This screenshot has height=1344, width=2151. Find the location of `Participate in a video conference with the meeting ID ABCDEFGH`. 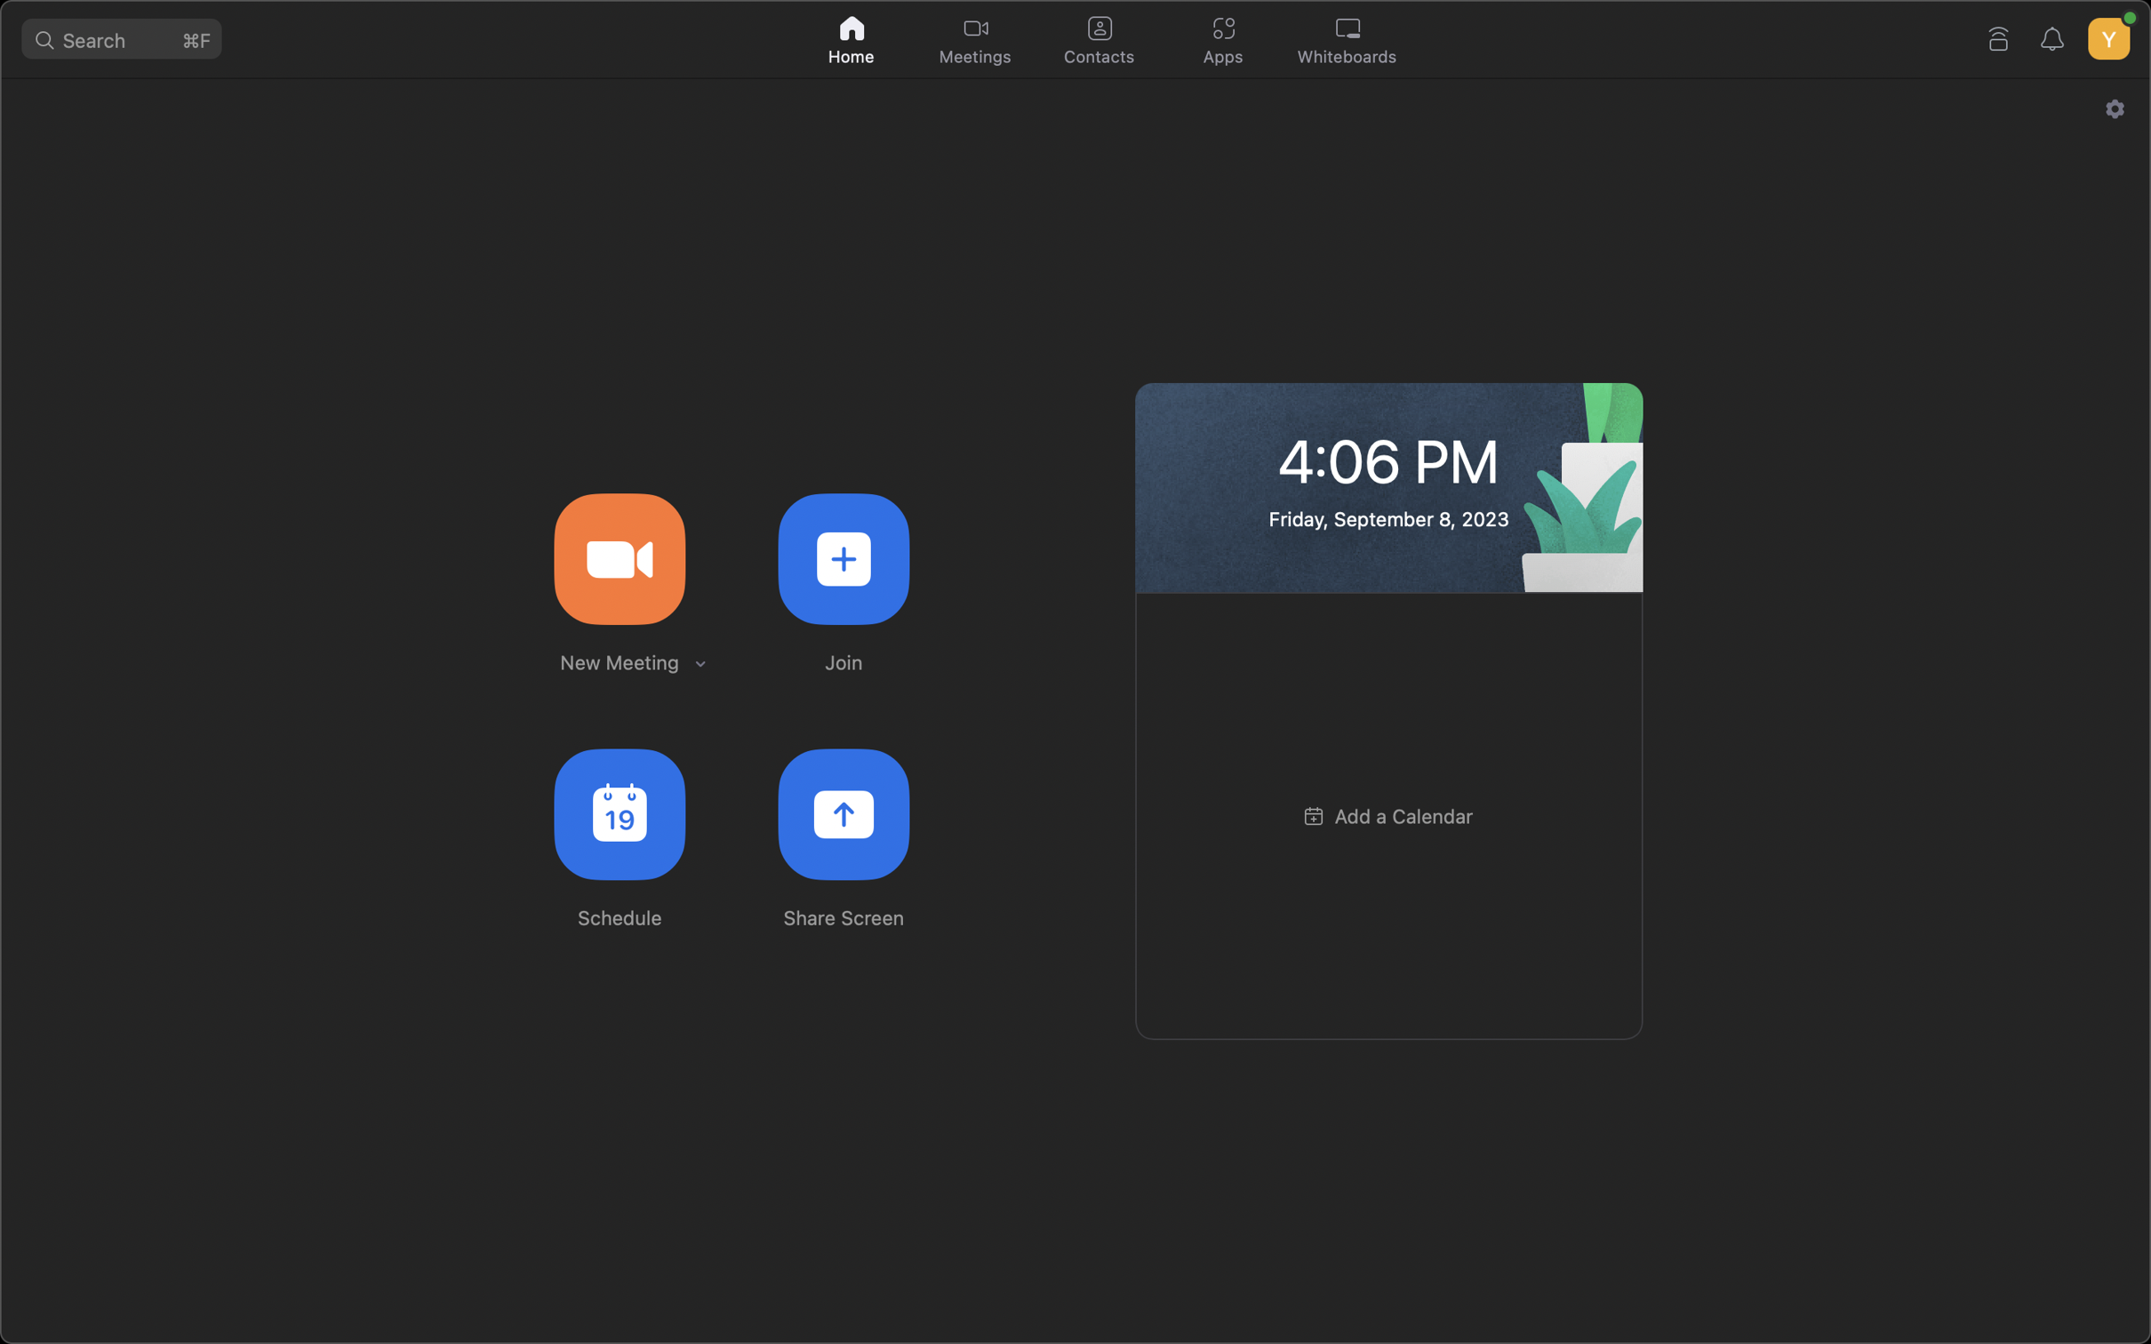

Participate in a video conference with the meeting ID ABCDEFGH is located at coordinates (843, 556).